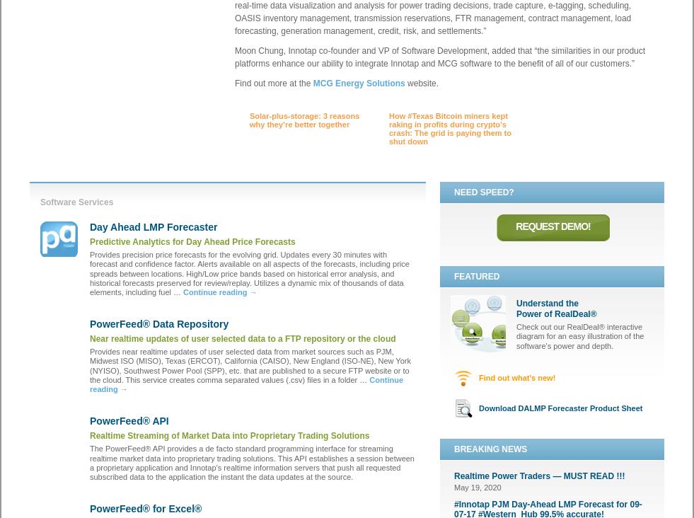  Describe the element at coordinates (490, 447) in the screenshot. I see `'Breaking News'` at that location.